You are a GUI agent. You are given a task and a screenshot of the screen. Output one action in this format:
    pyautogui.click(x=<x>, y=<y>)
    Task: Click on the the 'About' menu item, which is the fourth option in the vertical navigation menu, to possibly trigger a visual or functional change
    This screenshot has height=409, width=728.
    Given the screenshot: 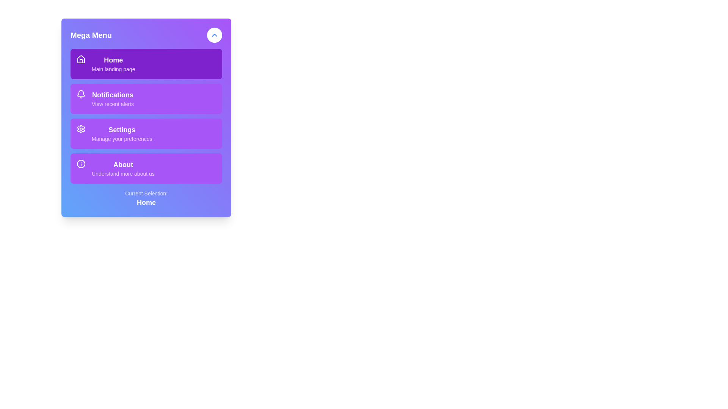 What is the action you would take?
    pyautogui.click(x=123, y=168)
    